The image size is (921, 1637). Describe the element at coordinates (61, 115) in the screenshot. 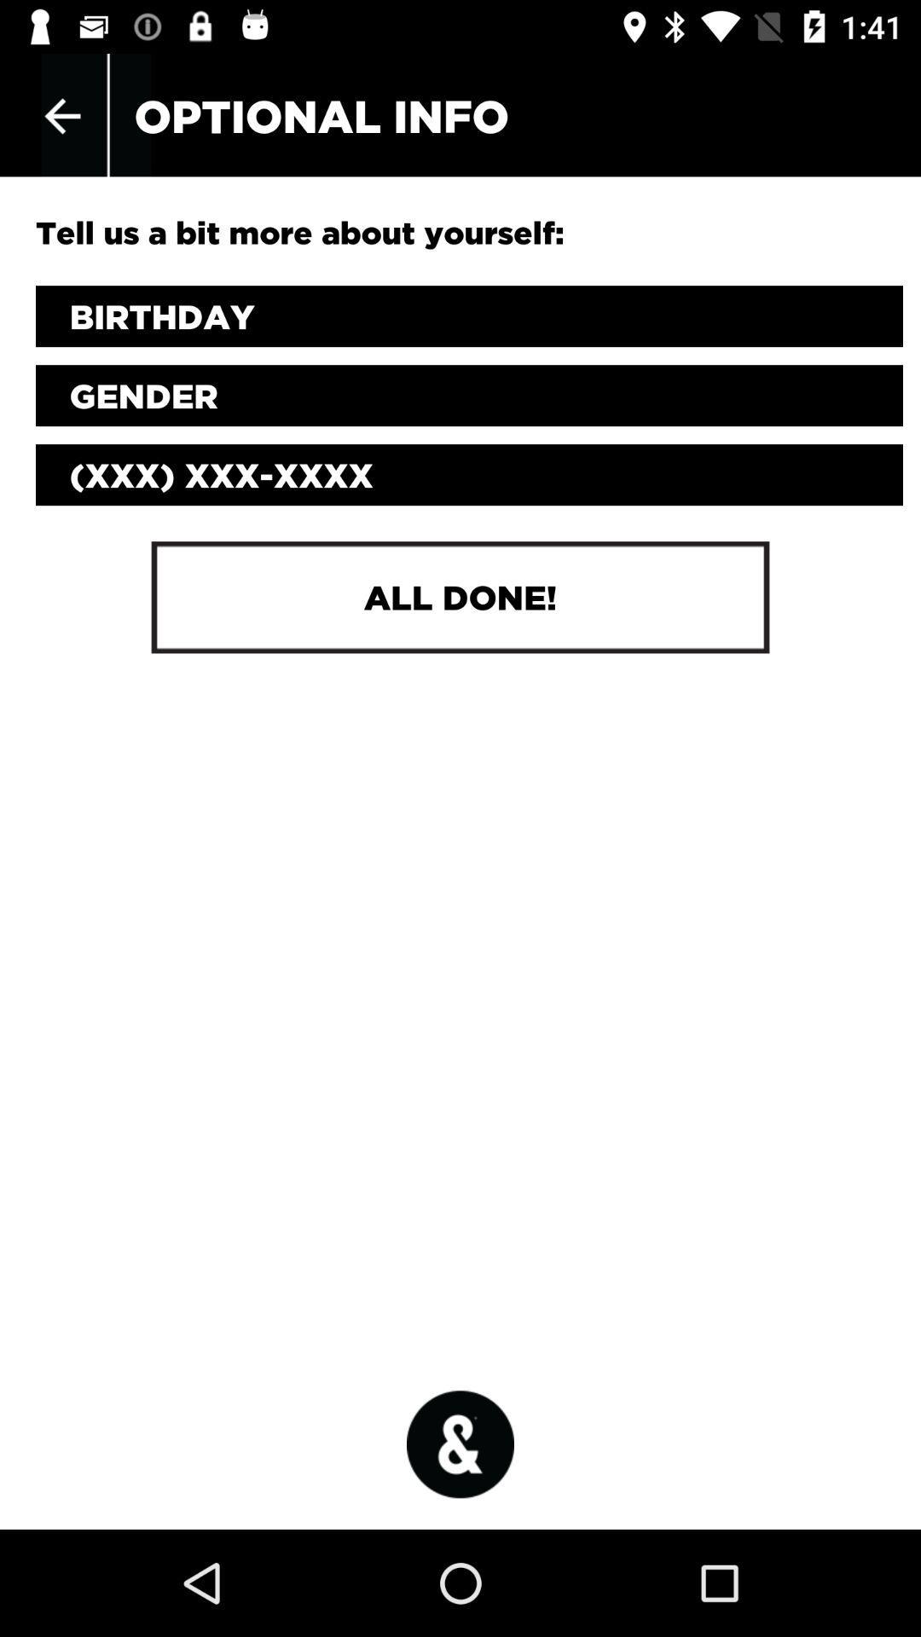

I see `the icon above tell us a icon` at that location.